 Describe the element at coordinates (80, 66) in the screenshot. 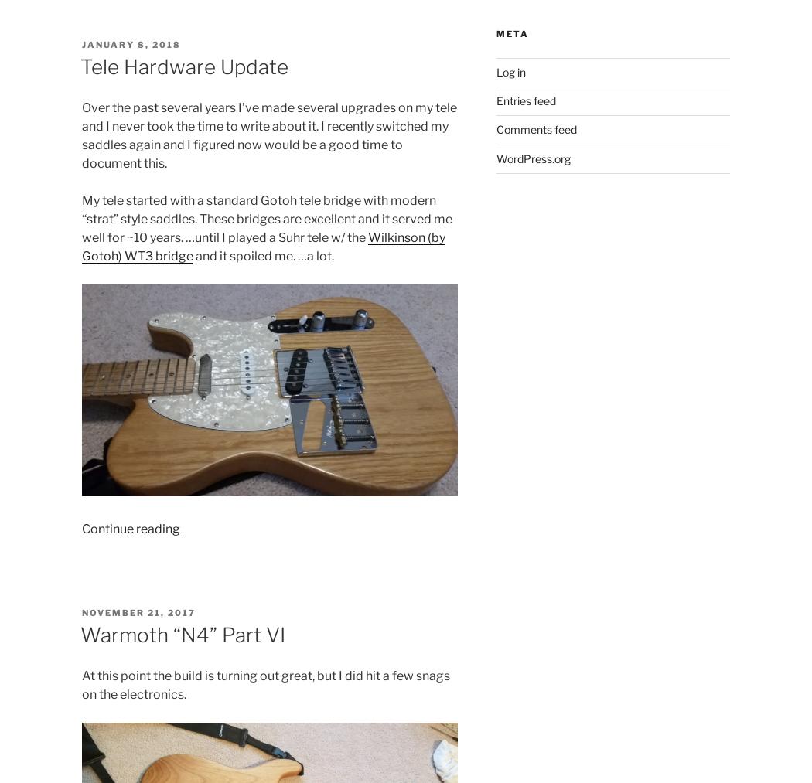

I see `'Tele Hardware Update'` at that location.